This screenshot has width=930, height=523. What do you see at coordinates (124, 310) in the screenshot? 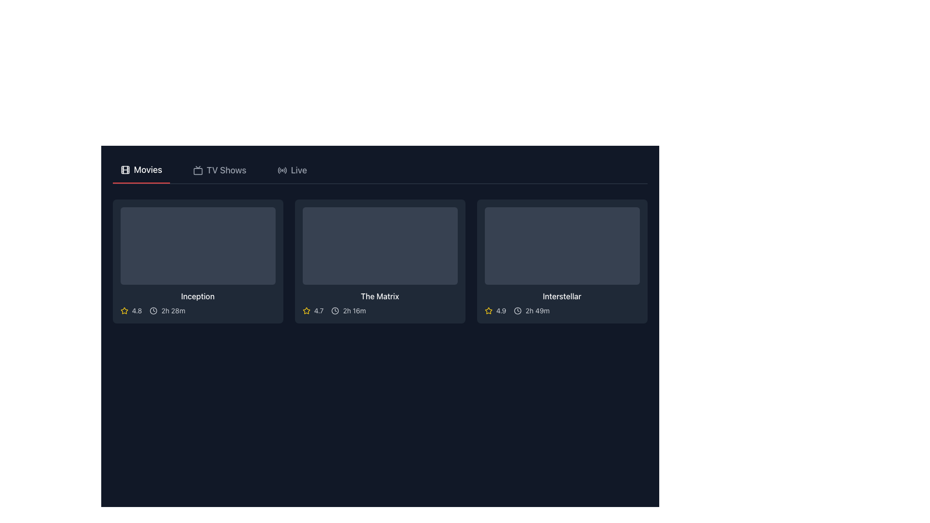
I see `the yellow star icon with a hollow center next to the text '4.8' in the rating system under the movie card for 'Inception'` at bounding box center [124, 310].